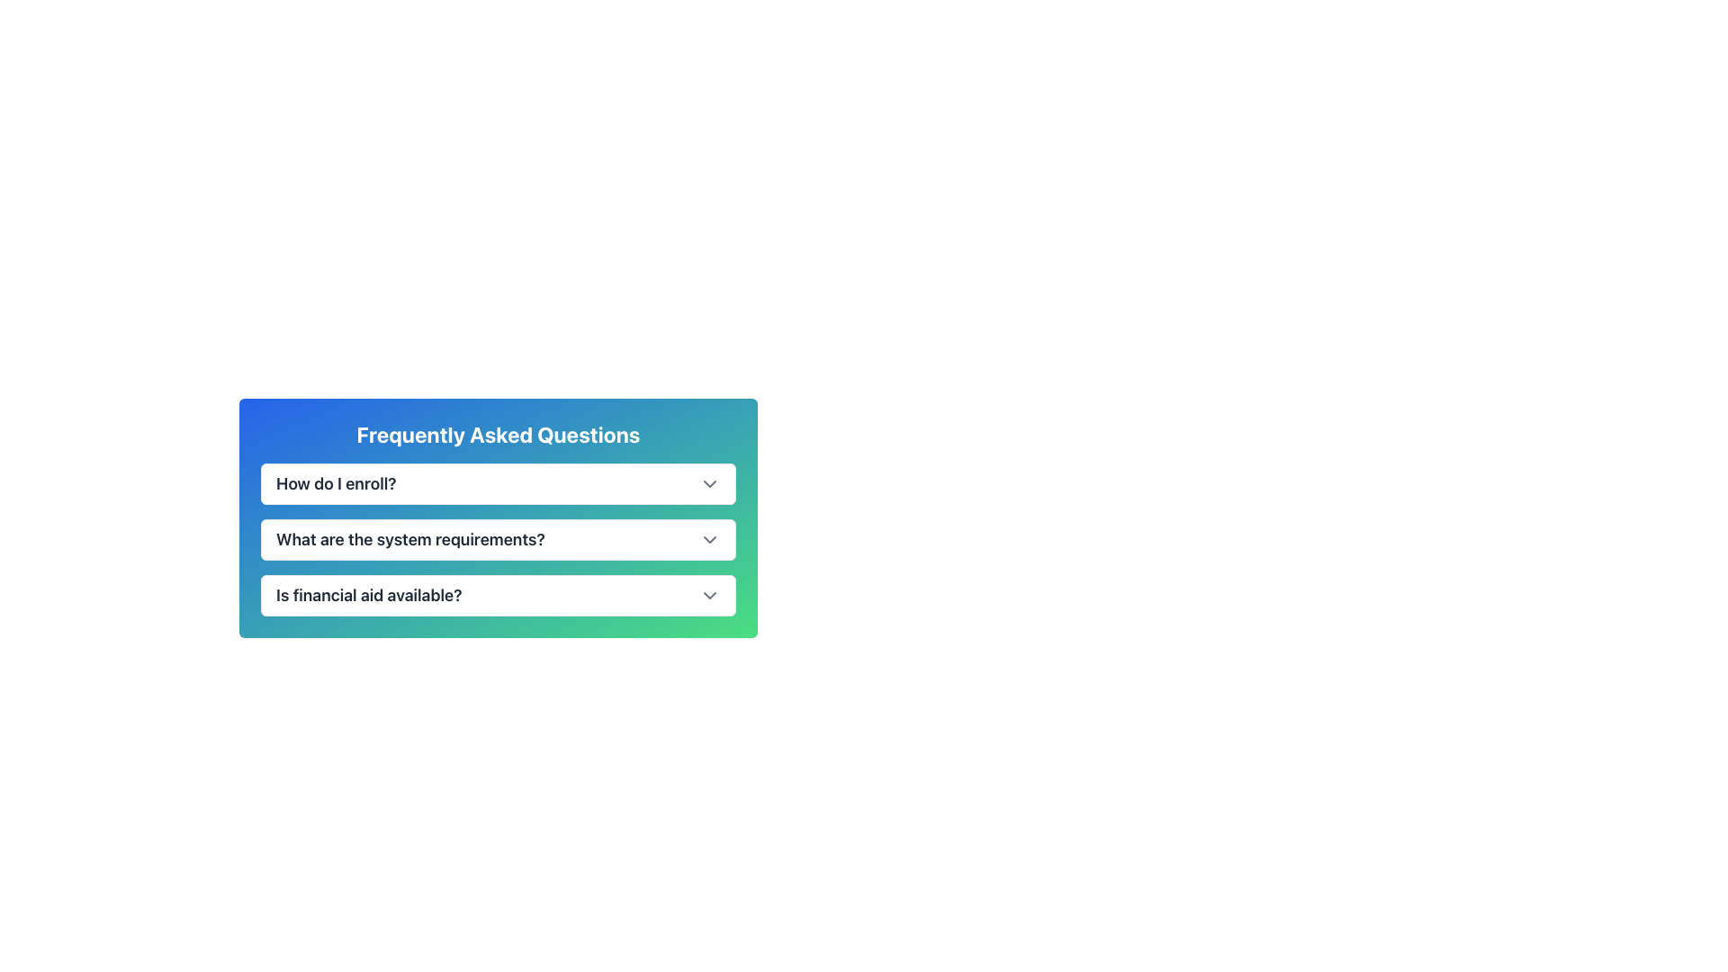  Describe the element at coordinates (368, 596) in the screenshot. I see `text of the third question in the Frequently Asked Questions section, located near the bottom of the list` at that location.